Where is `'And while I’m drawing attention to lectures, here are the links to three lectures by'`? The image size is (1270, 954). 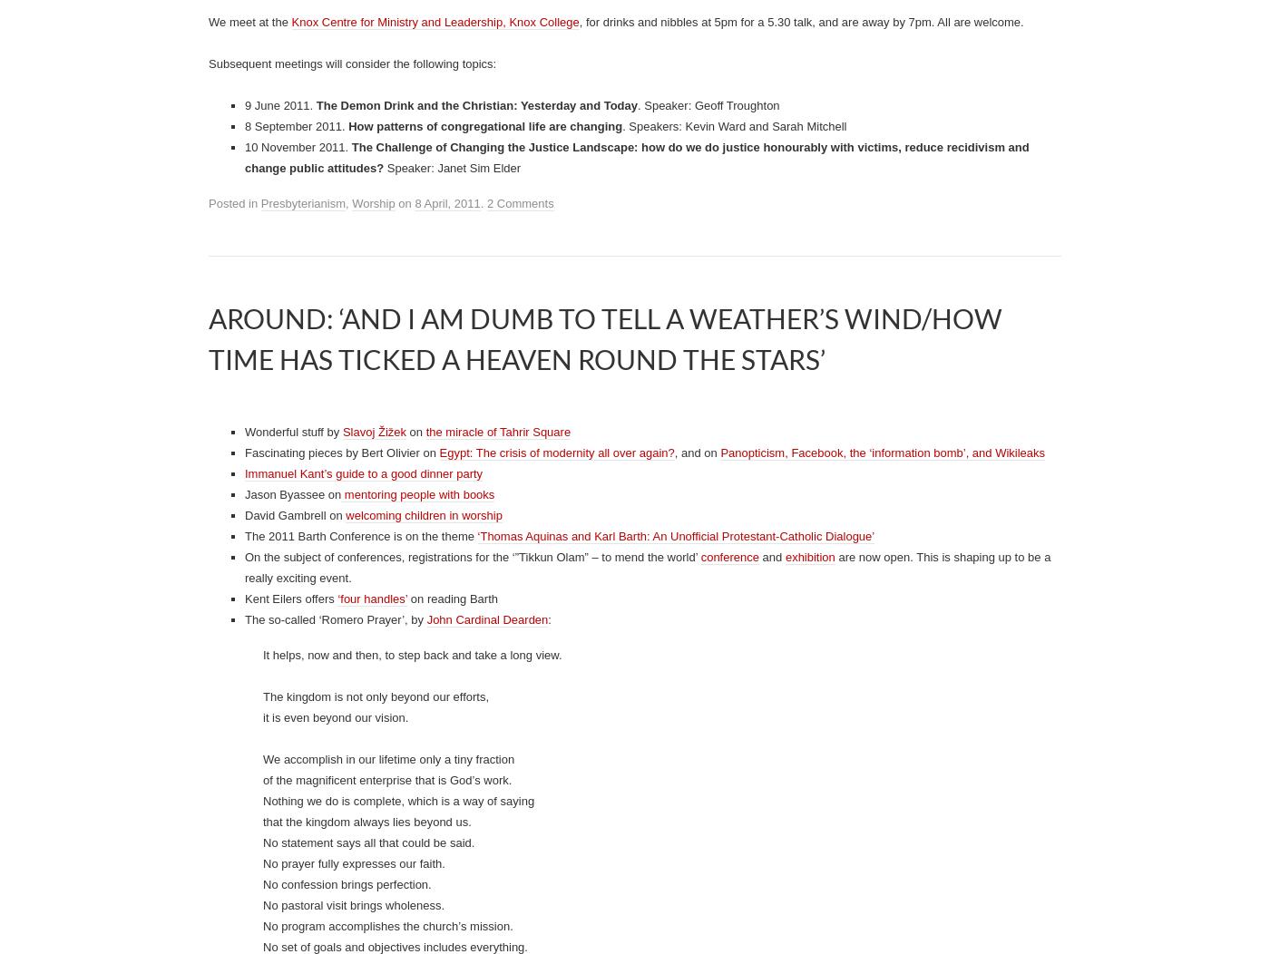
'And while I’m drawing attention to lectures, here are the links to three lectures by' is located at coordinates (420, 307).